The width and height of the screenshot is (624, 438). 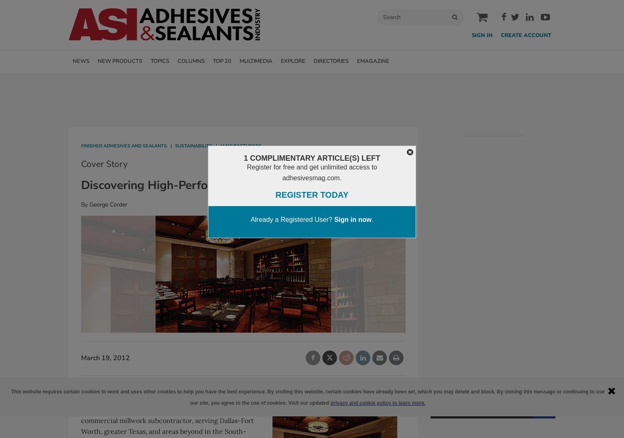 What do you see at coordinates (104, 164) in the screenshot?
I see `'Cover Story'` at bounding box center [104, 164].